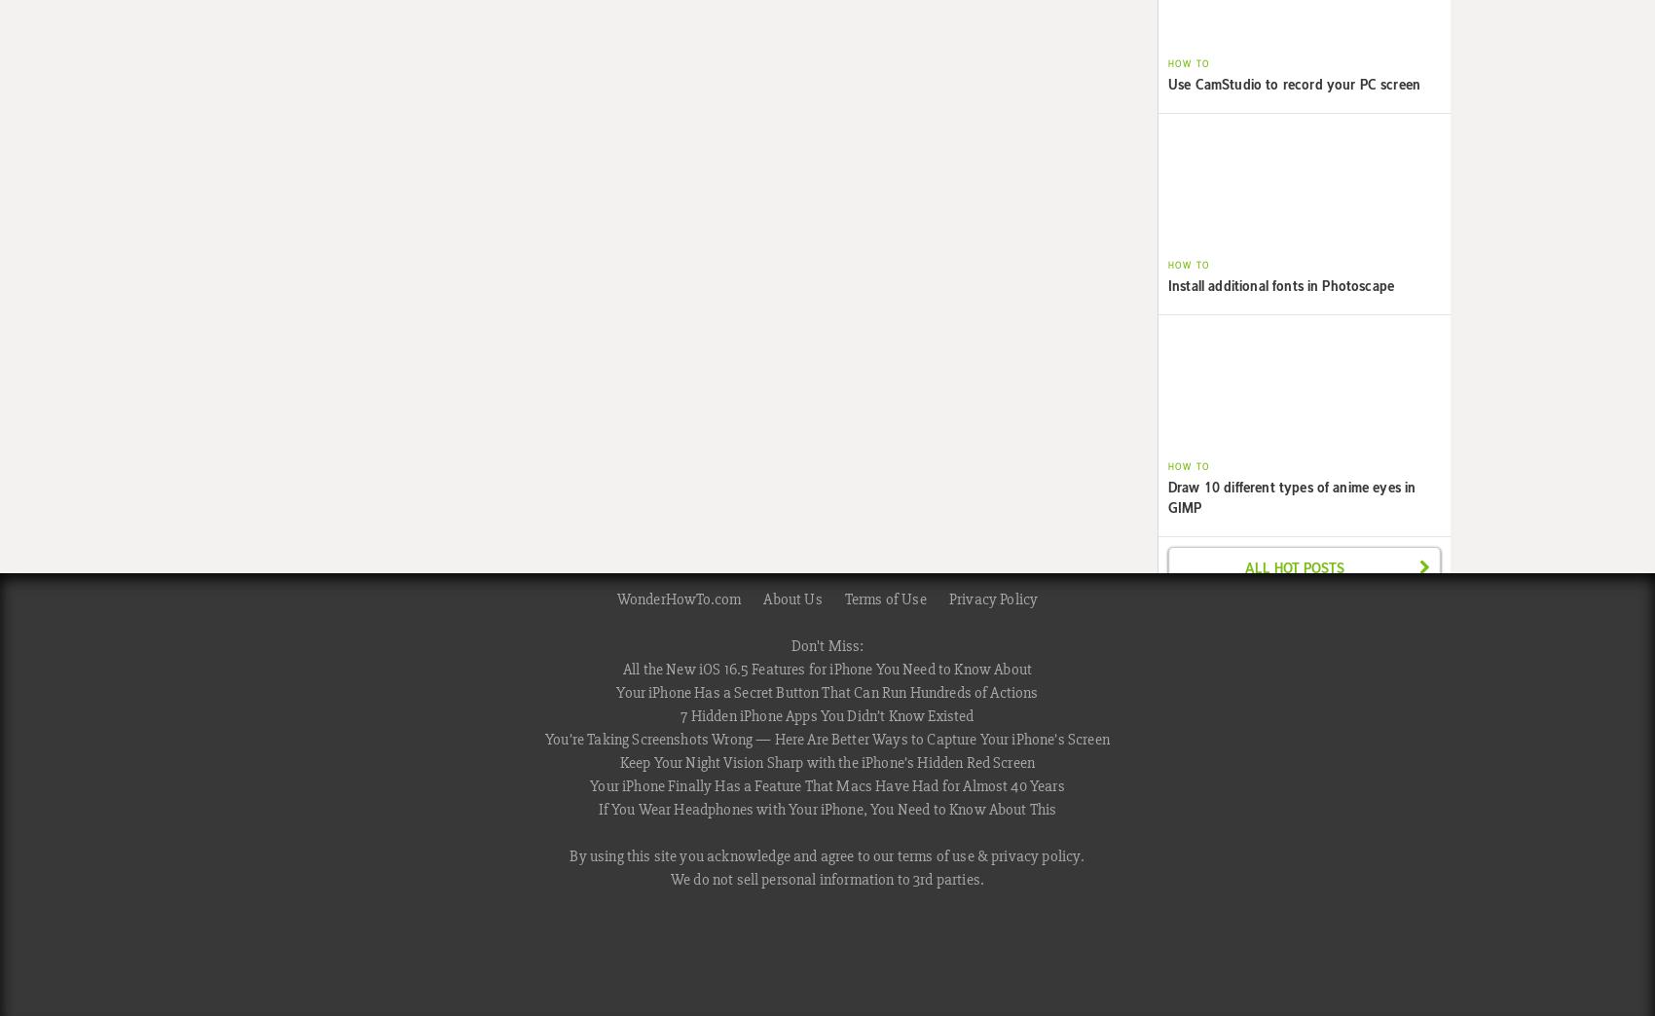 Image resolution: width=1655 pixels, height=1016 pixels. Describe the element at coordinates (791, 599) in the screenshot. I see `'About Us'` at that location.